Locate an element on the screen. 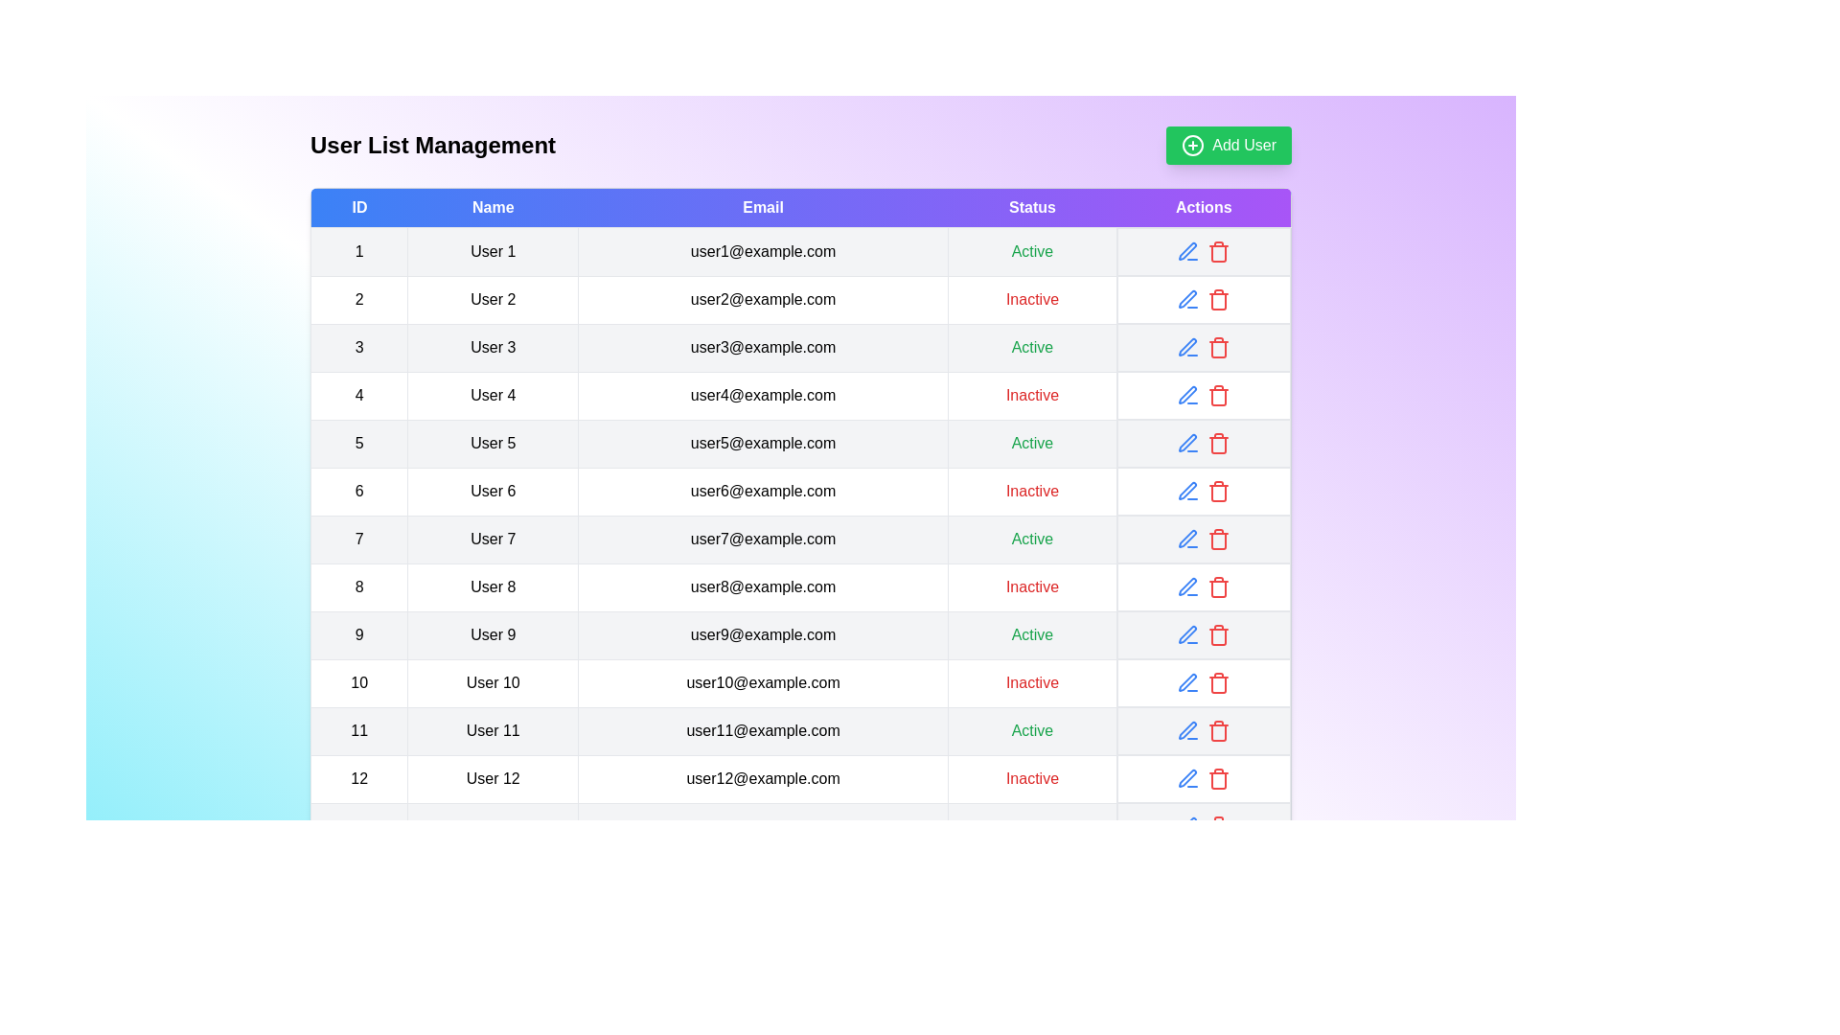 The height and width of the screenshot is (1035, 1840). the column header to sort the table by Email is located at coordinates (762, 207).